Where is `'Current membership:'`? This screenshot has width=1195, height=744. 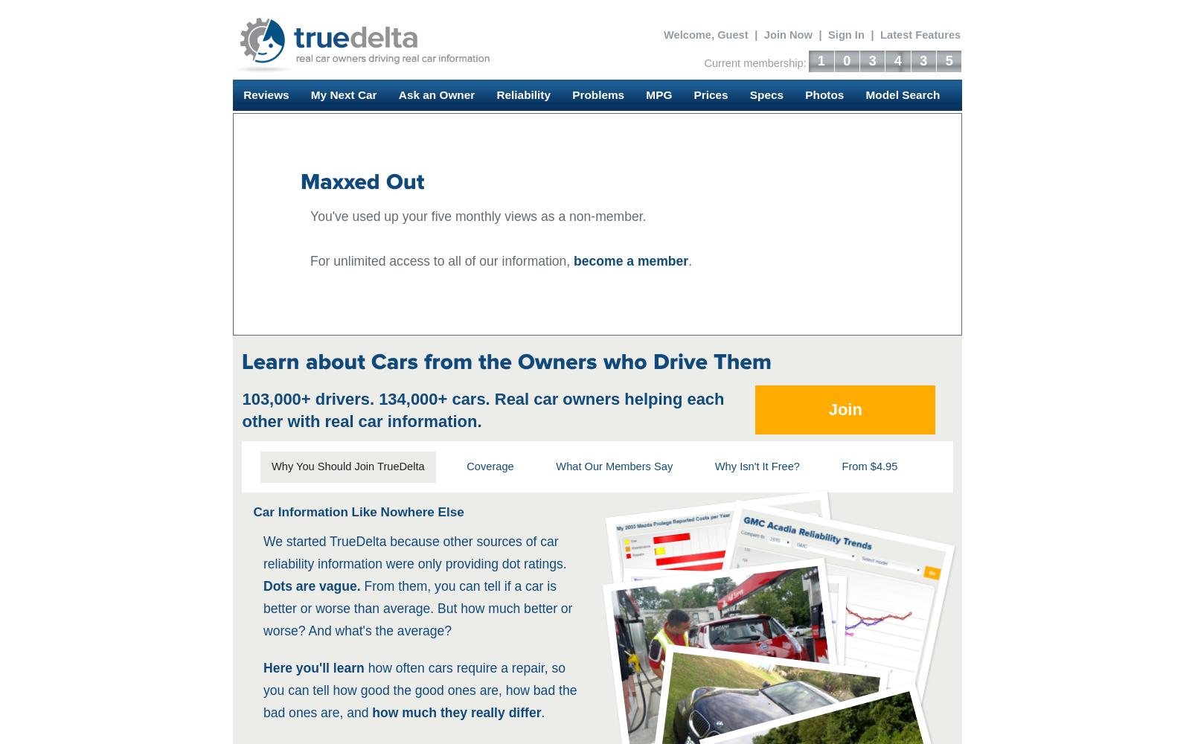
'Current membership:' is located at coordinates (703, 62).